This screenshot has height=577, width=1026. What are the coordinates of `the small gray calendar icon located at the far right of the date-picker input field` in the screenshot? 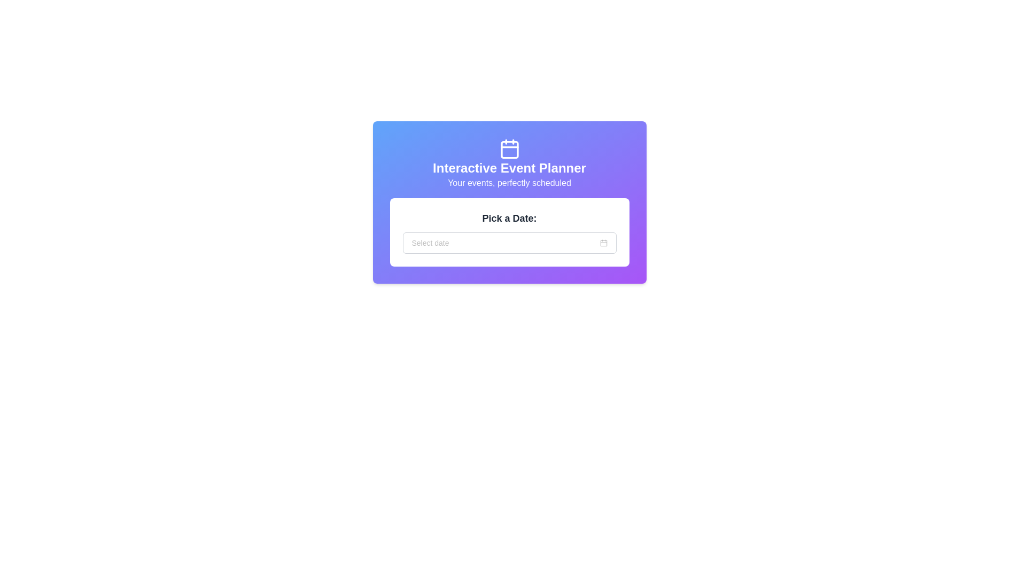 It's located at (603, 243).